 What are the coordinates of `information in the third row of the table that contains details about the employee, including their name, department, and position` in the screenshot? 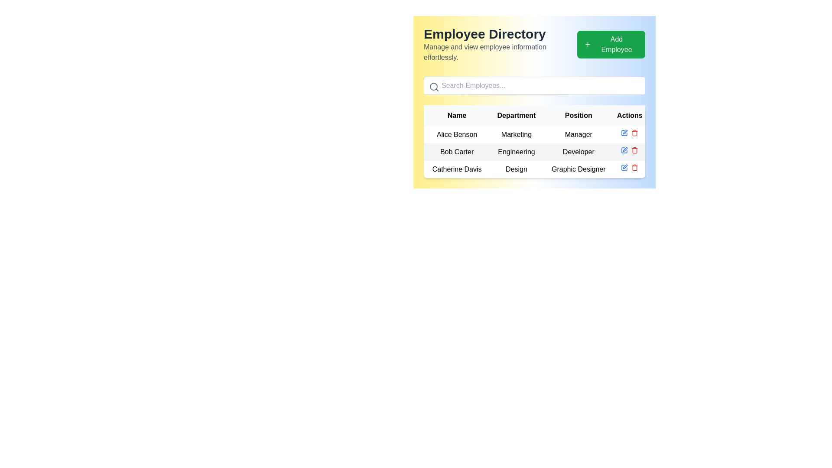 It's located at (534, 169).